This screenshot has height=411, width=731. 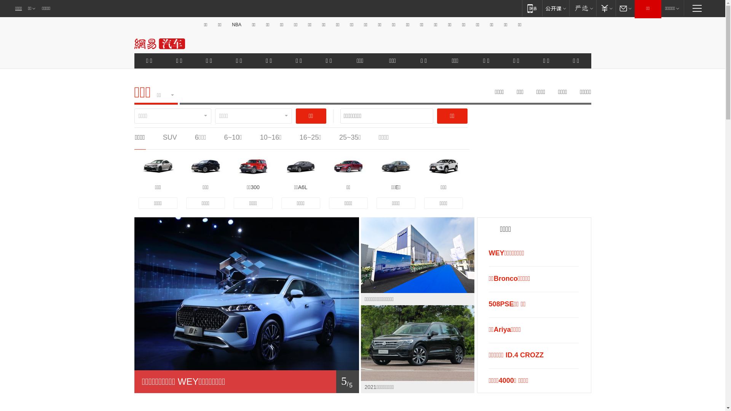 What do you see at coordinates (229, 24) in the screenshot?
I see `'NBA'` at bounding box center [229, 24].